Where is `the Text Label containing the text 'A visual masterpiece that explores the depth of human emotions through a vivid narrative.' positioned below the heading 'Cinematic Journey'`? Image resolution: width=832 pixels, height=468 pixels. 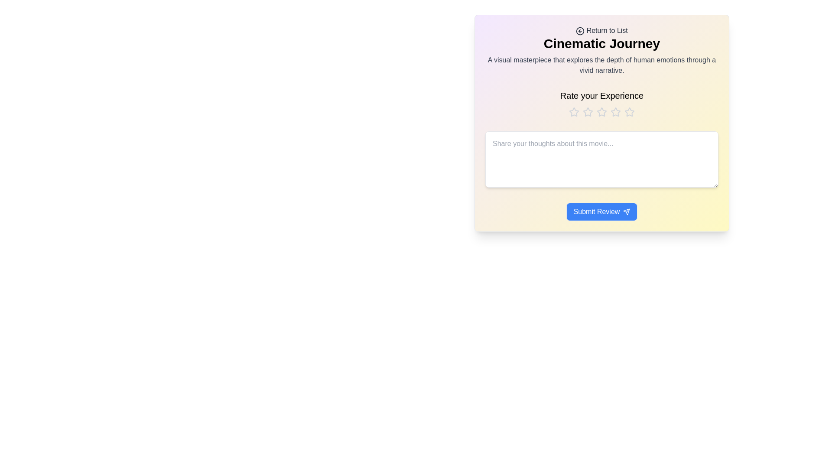
the Text Label containing the text 'A visual masterpiece that explores the depth of human emotions through a vivid narrative.' positioned below the heading 'Cinematic Journey' is located at coordinates (601, 65).